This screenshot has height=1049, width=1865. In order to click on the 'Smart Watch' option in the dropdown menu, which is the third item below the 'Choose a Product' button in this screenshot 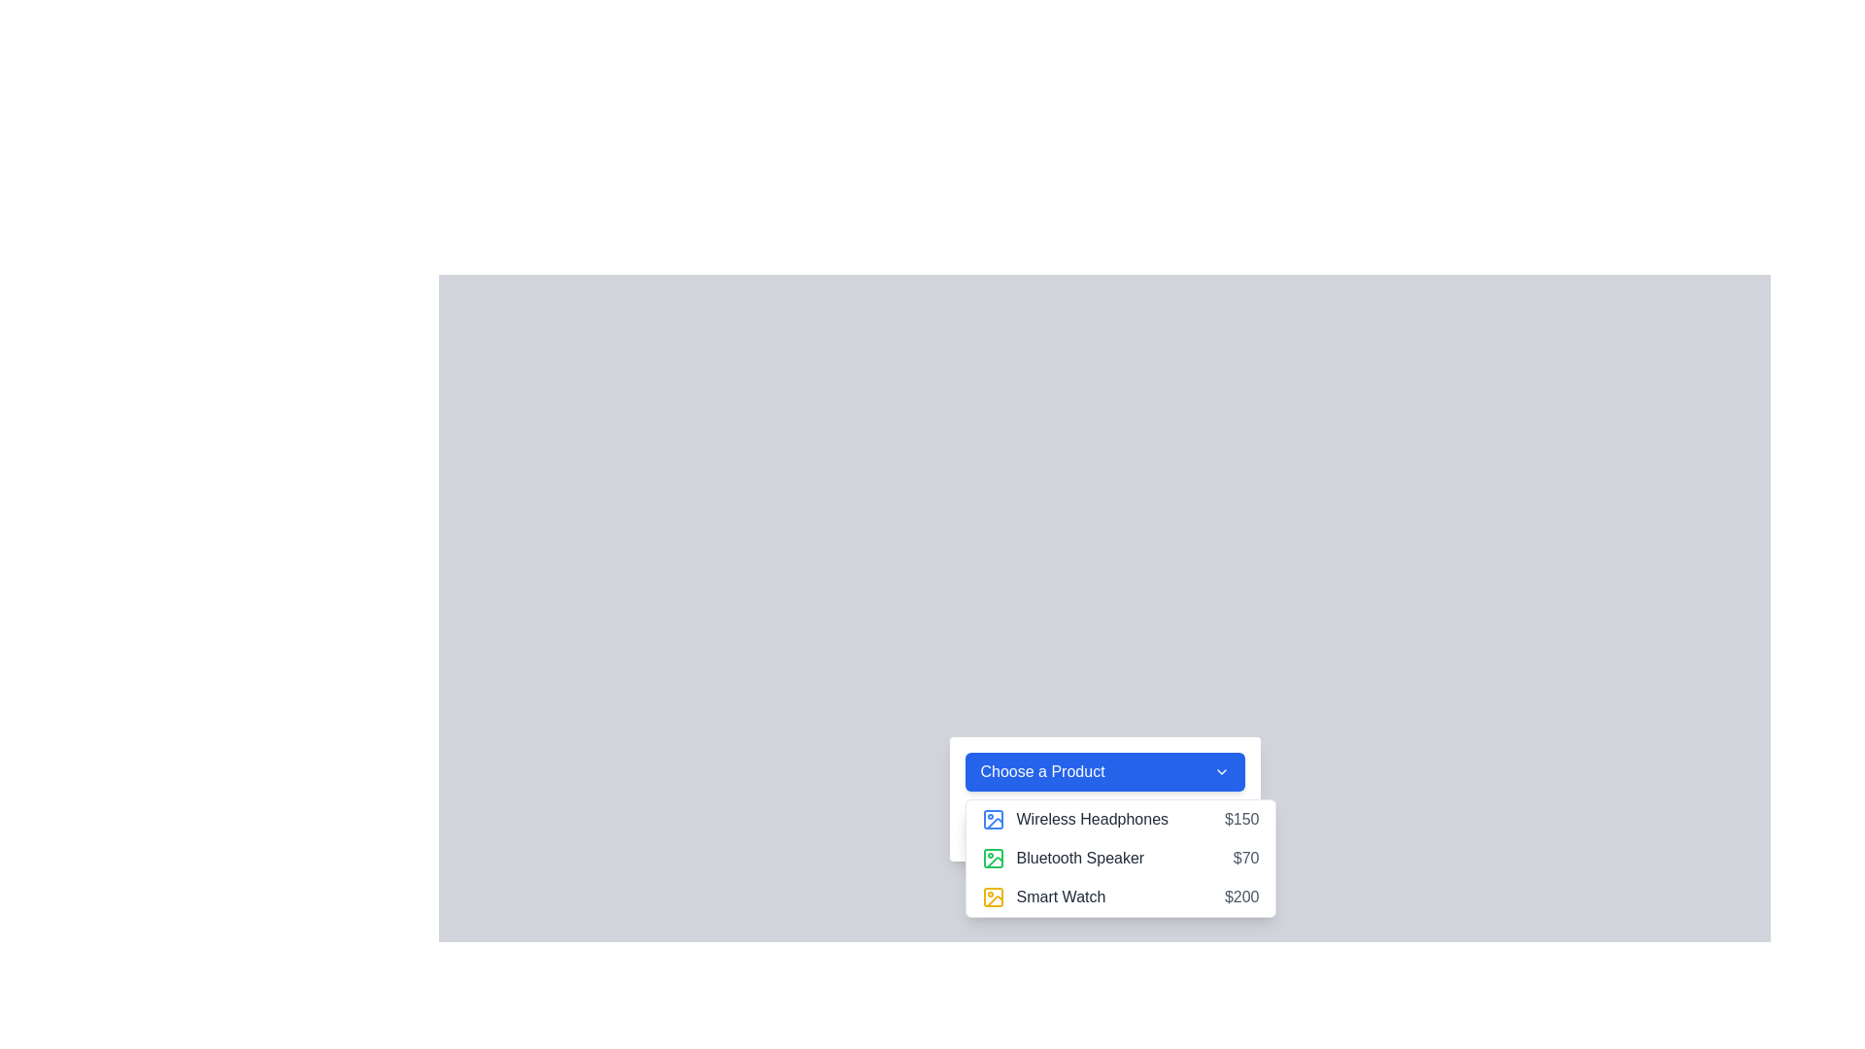, I will do `click(1120, 897)`.